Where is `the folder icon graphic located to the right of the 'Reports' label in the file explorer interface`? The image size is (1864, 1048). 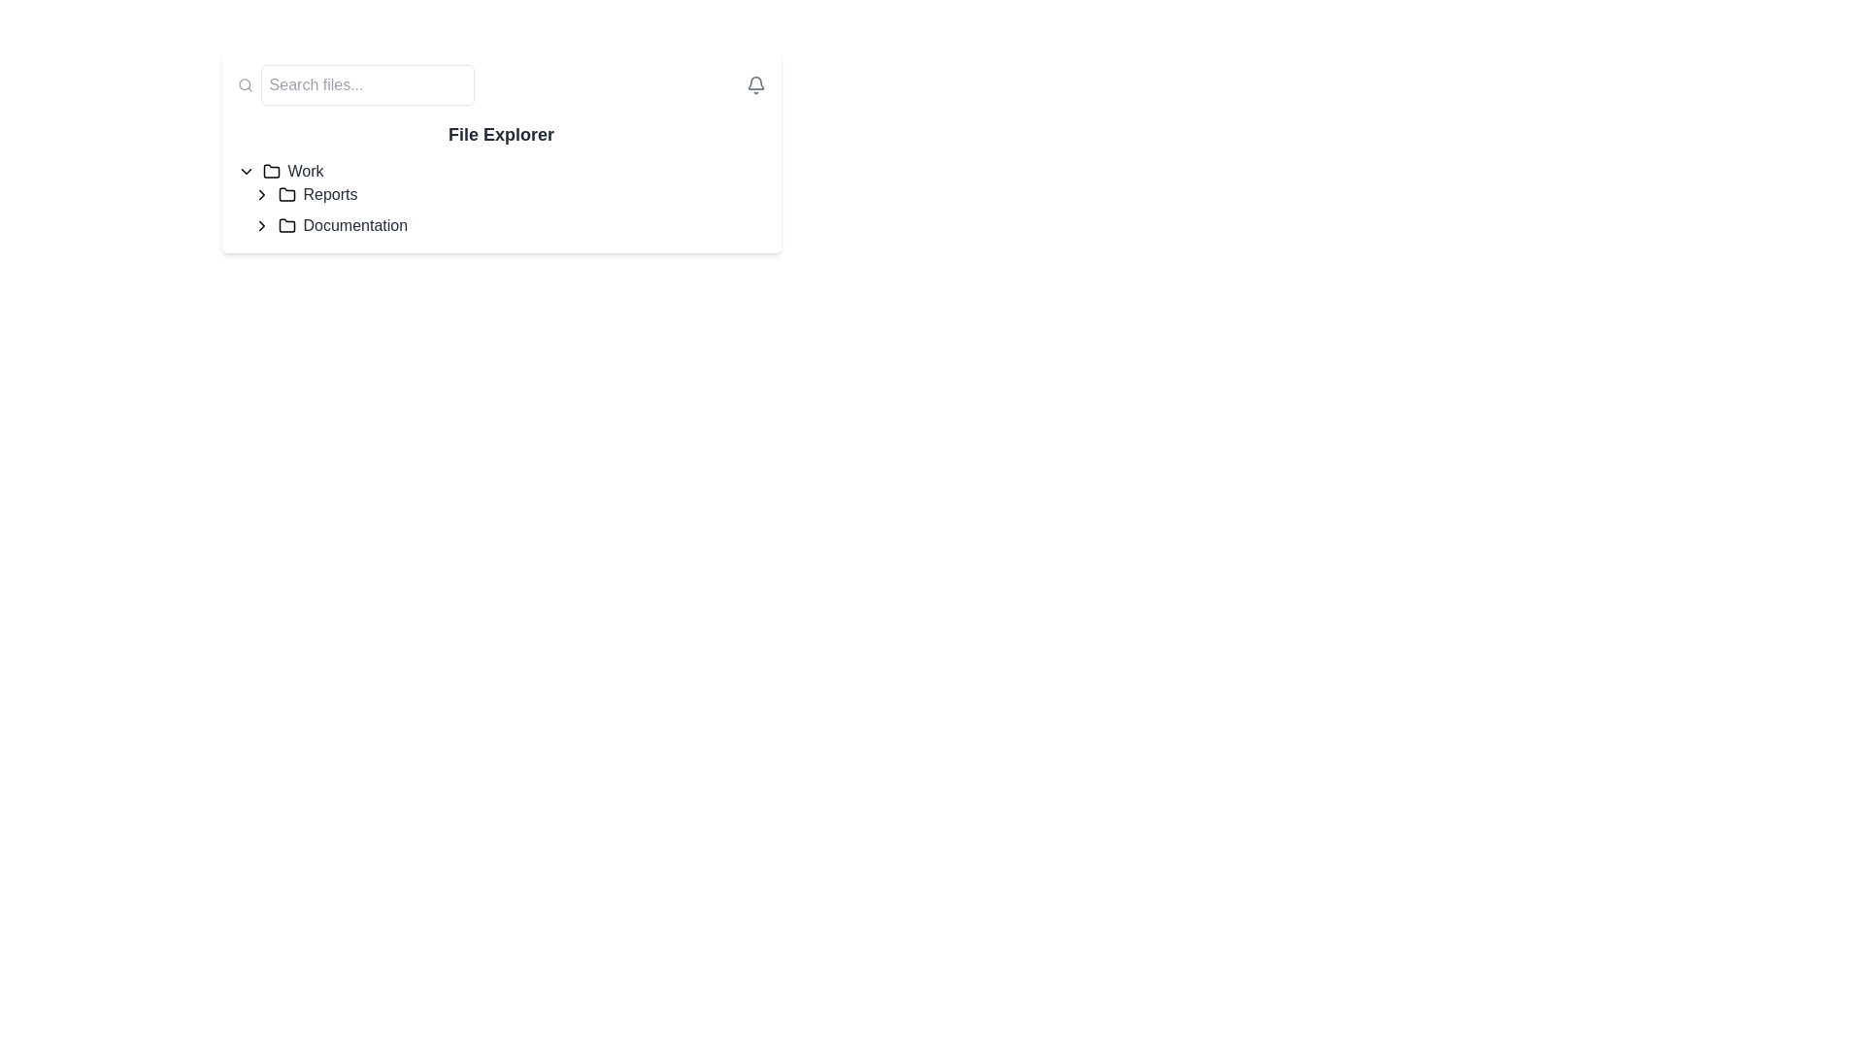
the folder icon graphic located to the right of the 'Reports' label in the file explorer interface is located at coordinates (285, 194).